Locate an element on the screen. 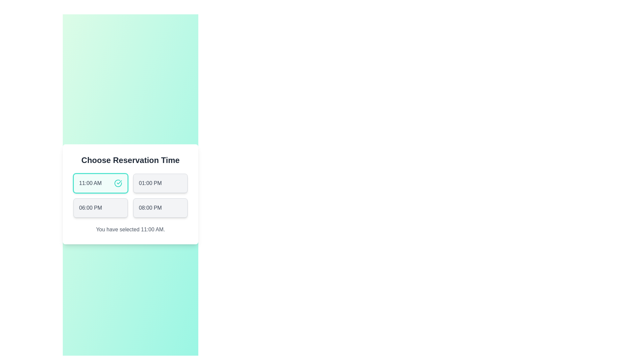  displayed time from the button labeled '08:00 PM', which is located in the bottom-right area of a grid of time options is located at coordinates (150, 208).